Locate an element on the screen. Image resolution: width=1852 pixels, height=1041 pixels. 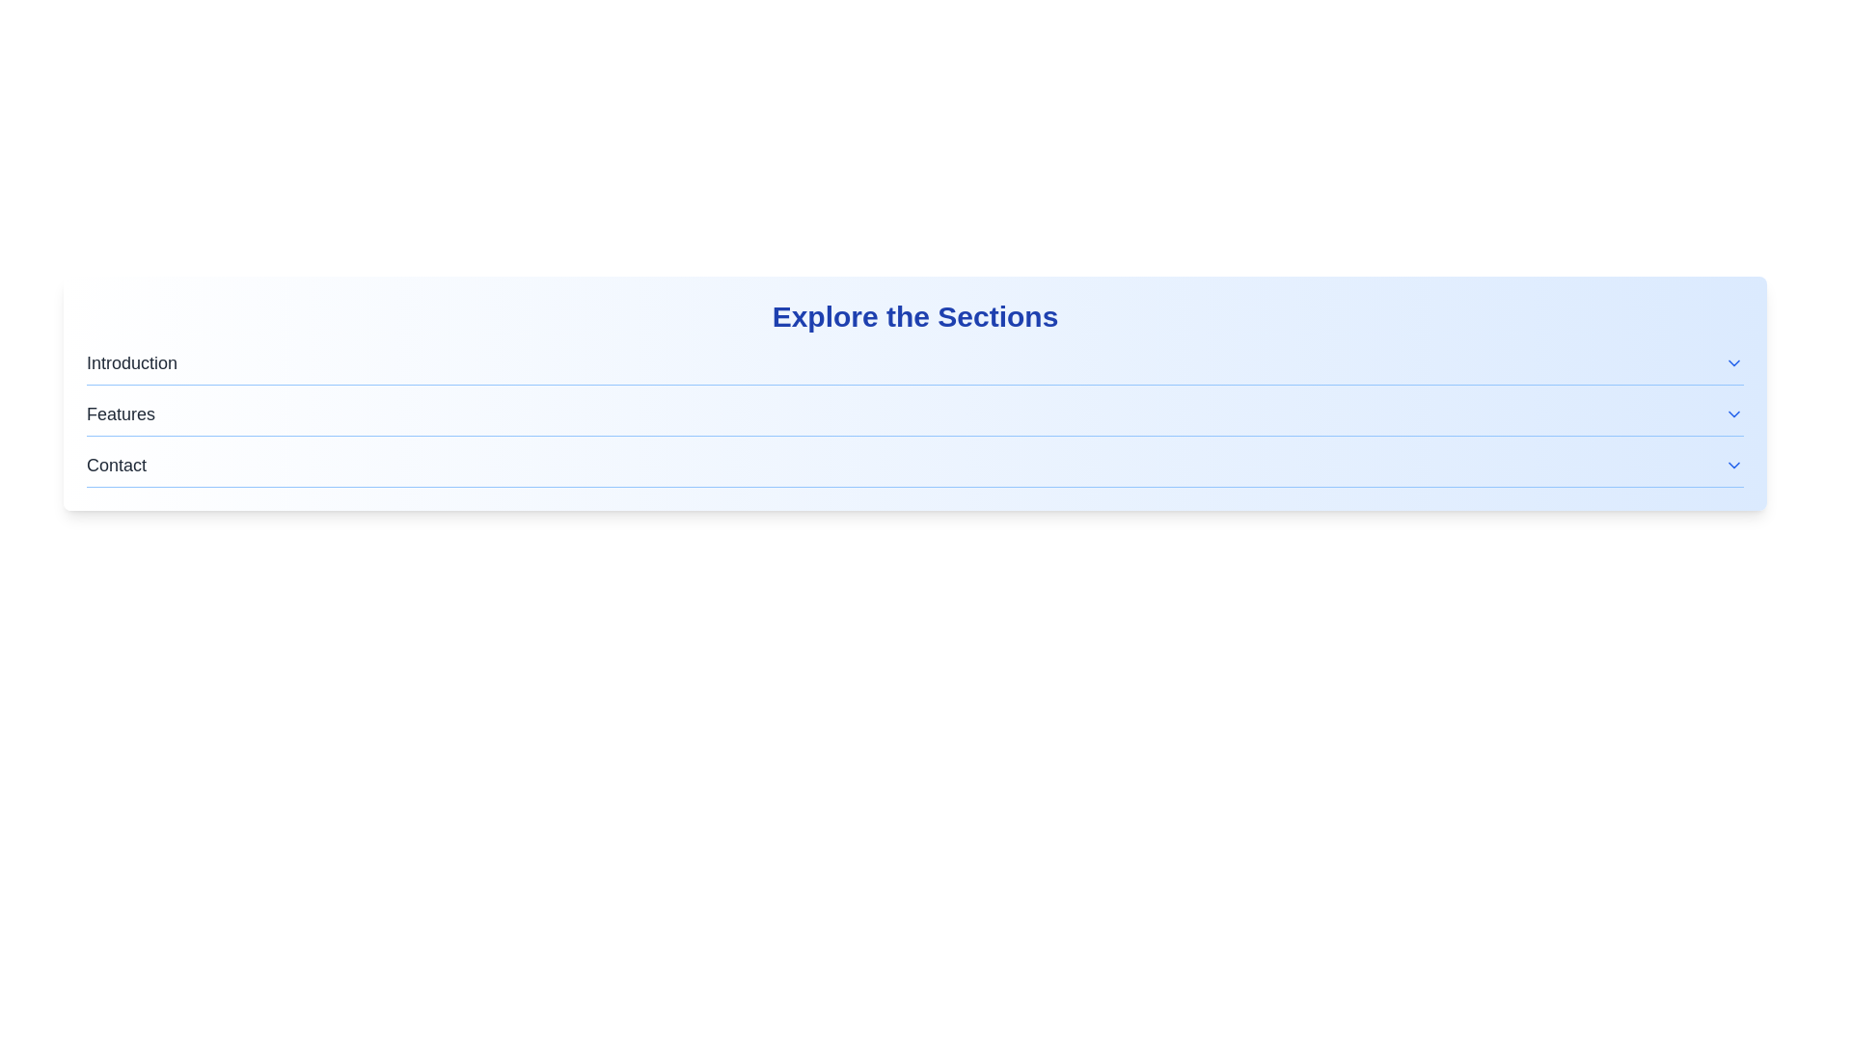
the 'Features' dropdown button, which is the middle entry in the vertical list under 'Explore the Sections' is located at coordinates (914, 413).